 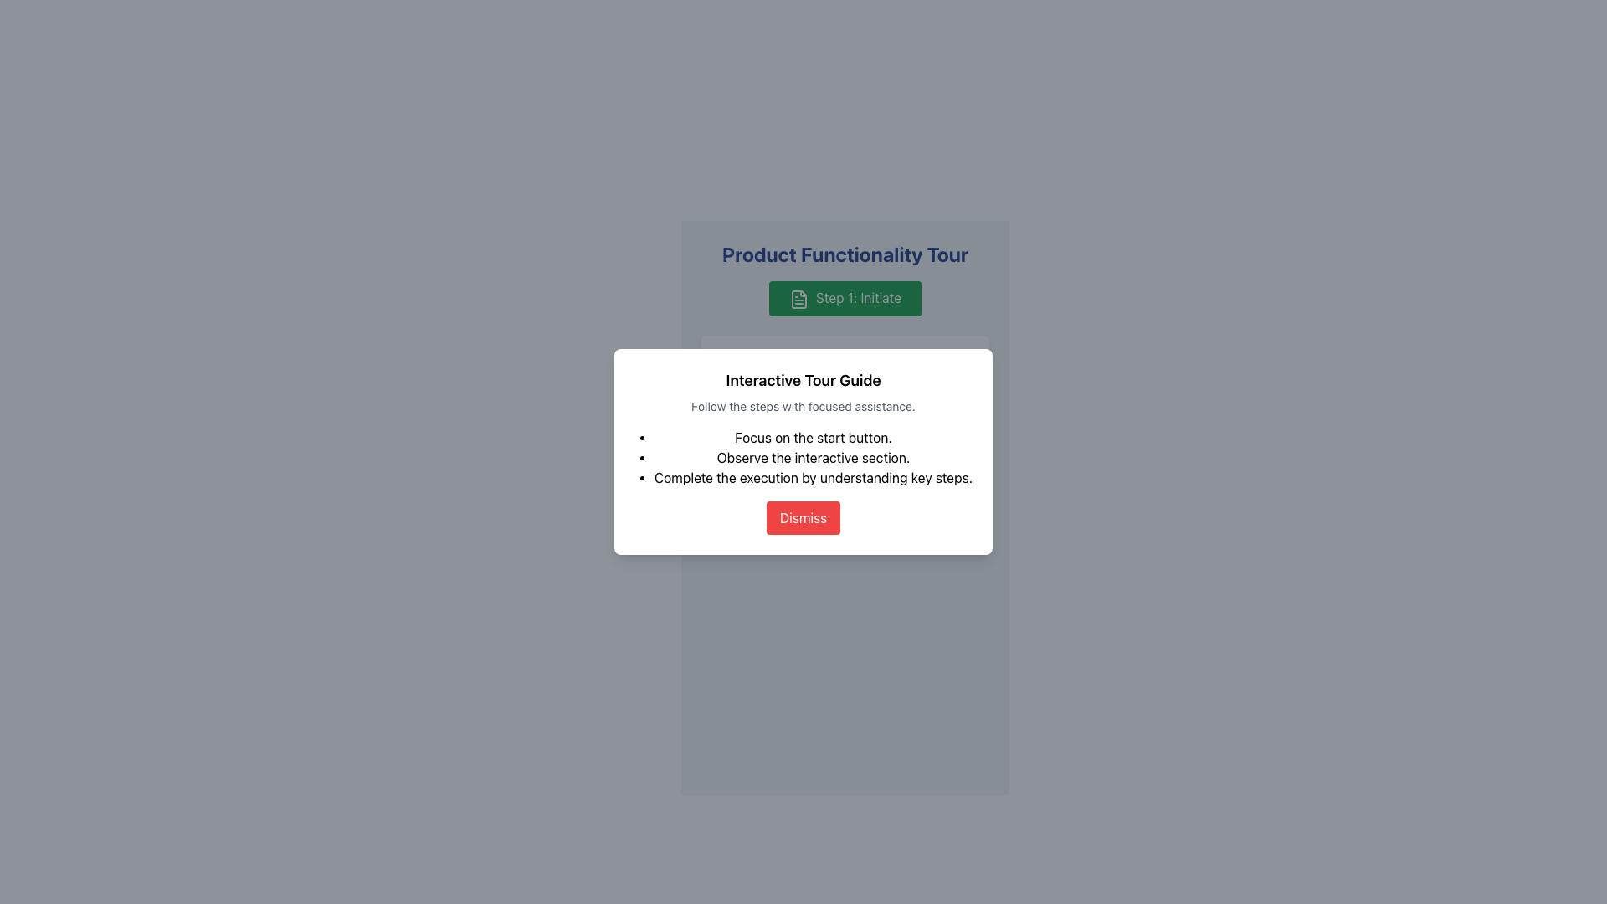 What do you see at coordinates (798, 298) in the screenshot?
I see `the document icon located to the left of the text 'Step 1: Initiate' within the green rectangular button to identify the button functionality` at bounding box center [798, 298].